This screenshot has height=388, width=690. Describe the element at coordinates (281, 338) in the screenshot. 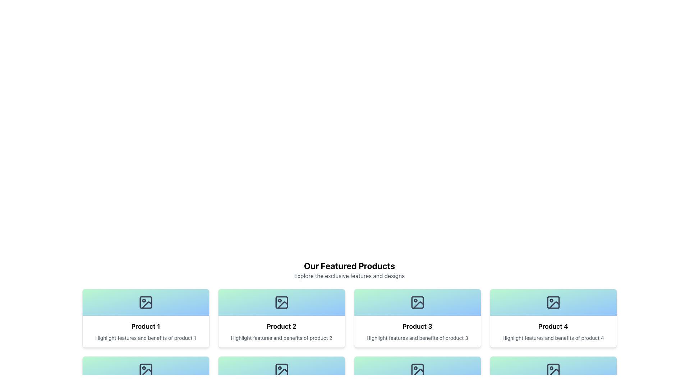

I see `the Text Label element that reads 'Highlight features and benefits of product 2.', which is styled in gray and positioned directly below the title 'Product 2' in the second product card` at that location.